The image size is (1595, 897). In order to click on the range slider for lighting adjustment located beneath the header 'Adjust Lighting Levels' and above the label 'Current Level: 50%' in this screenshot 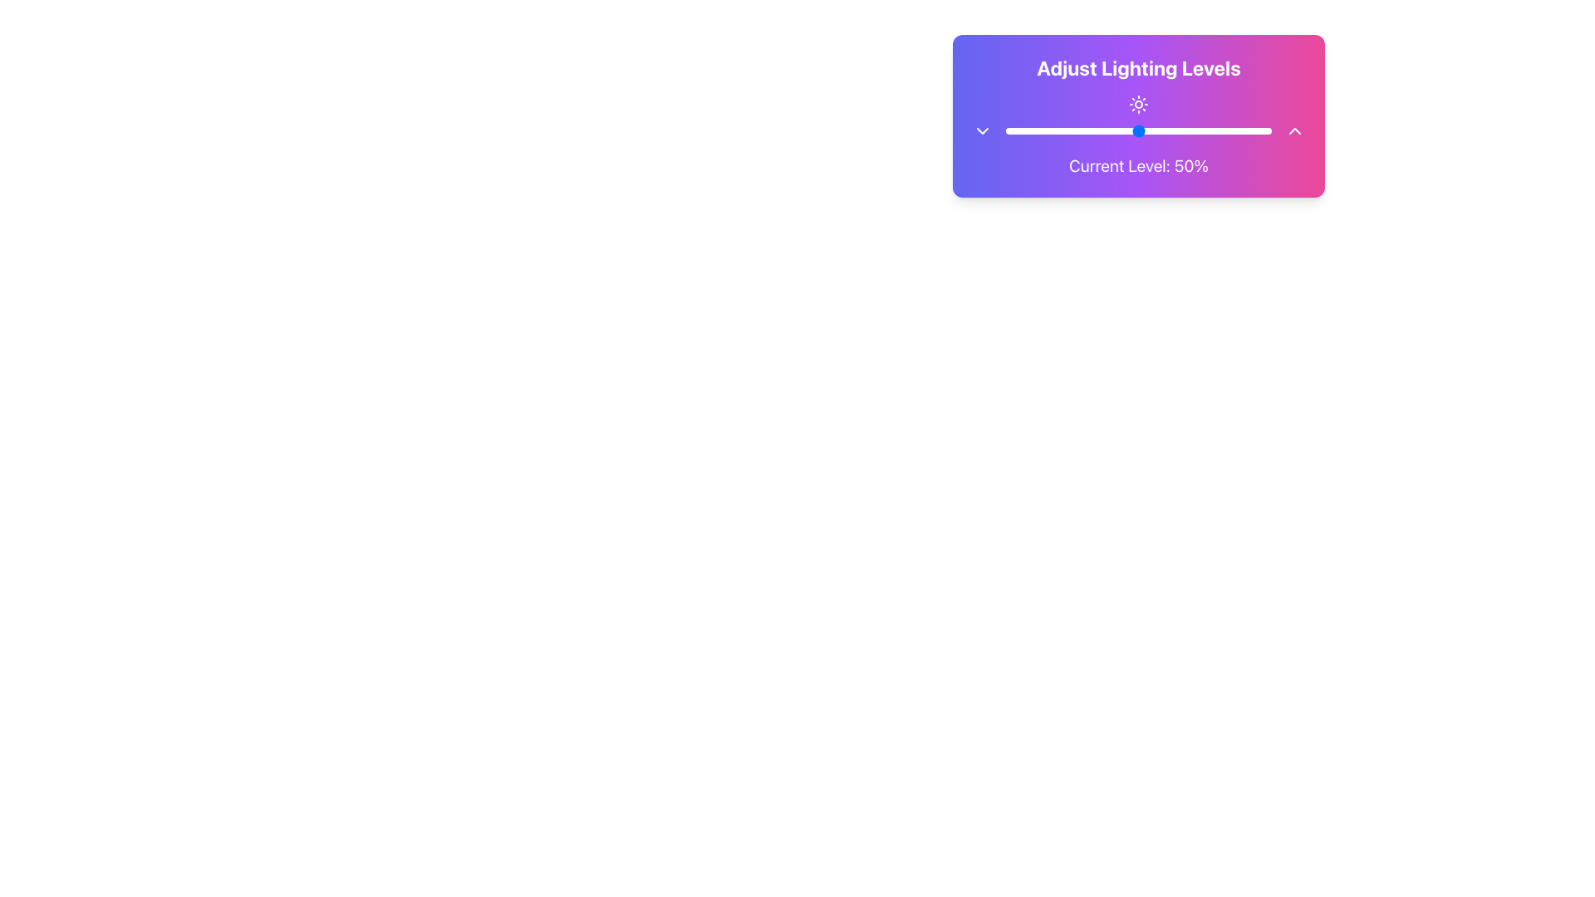, I will do `click(1138, 130)`.